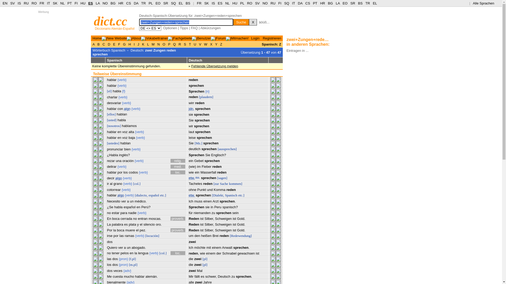  What do you see at coordinates (113, 183) in the screenshot?
I see `'grano'` at bounding box center [113, 183].